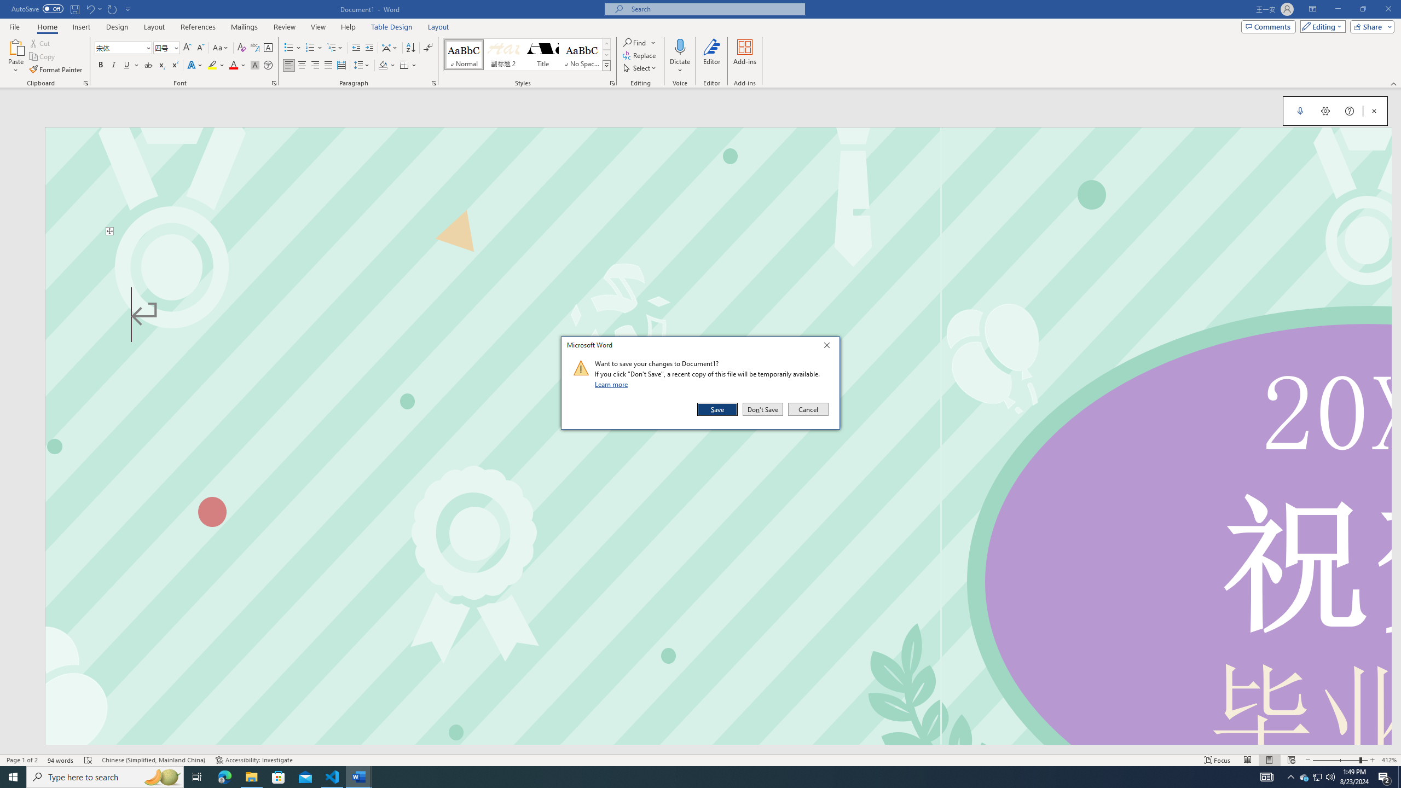 This screenshot has height=788, width=1401. Describe the element at coordinates (613, 384) in the screenshot. I see `'Learn more'` at that location.